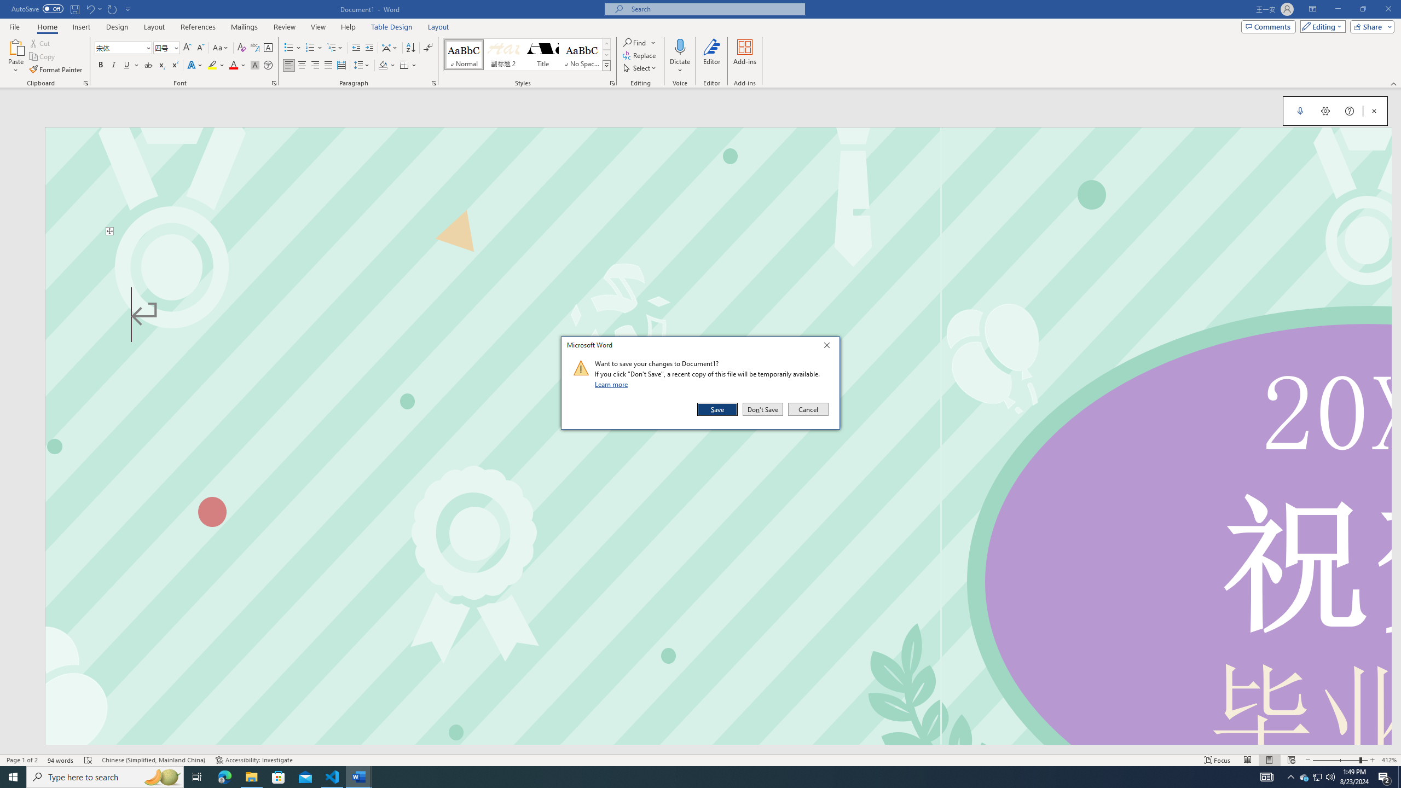 This screenshot has height=788, width=1401. Describe the element at coordinates (613, 384) in the screenshot. I see `'Learn more'` at that location.